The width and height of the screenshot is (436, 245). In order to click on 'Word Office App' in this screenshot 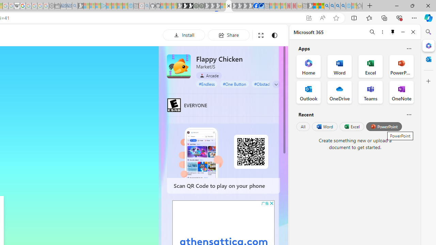, I will do `click(340, 66)`.